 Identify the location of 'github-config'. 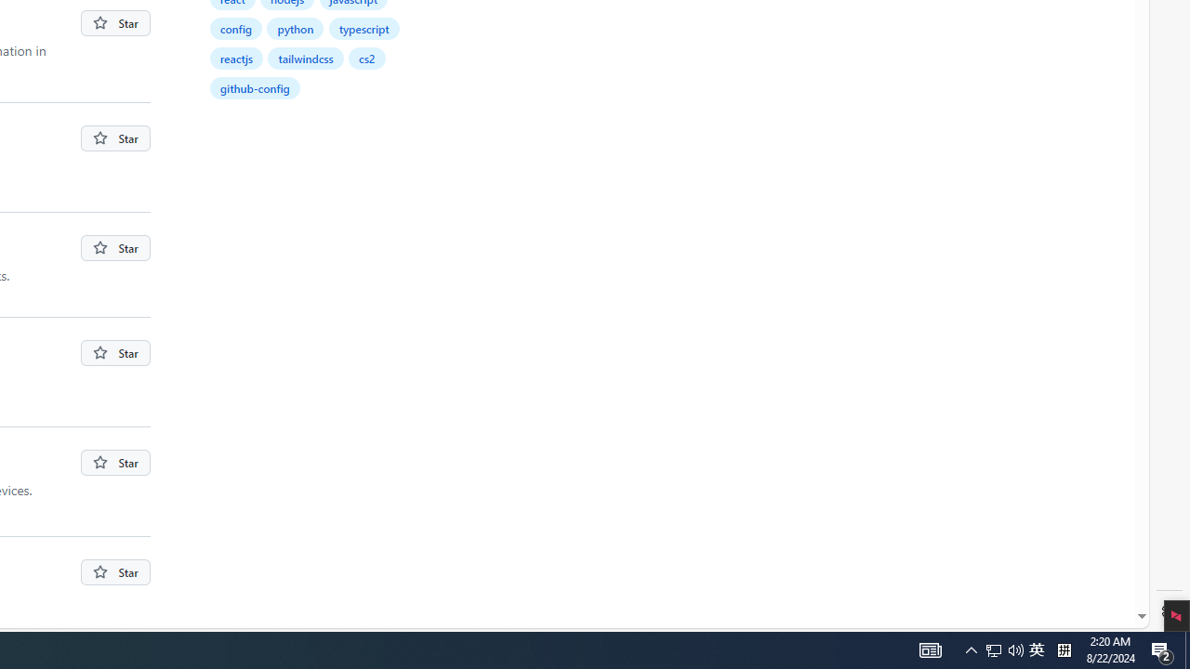
(255, 88).